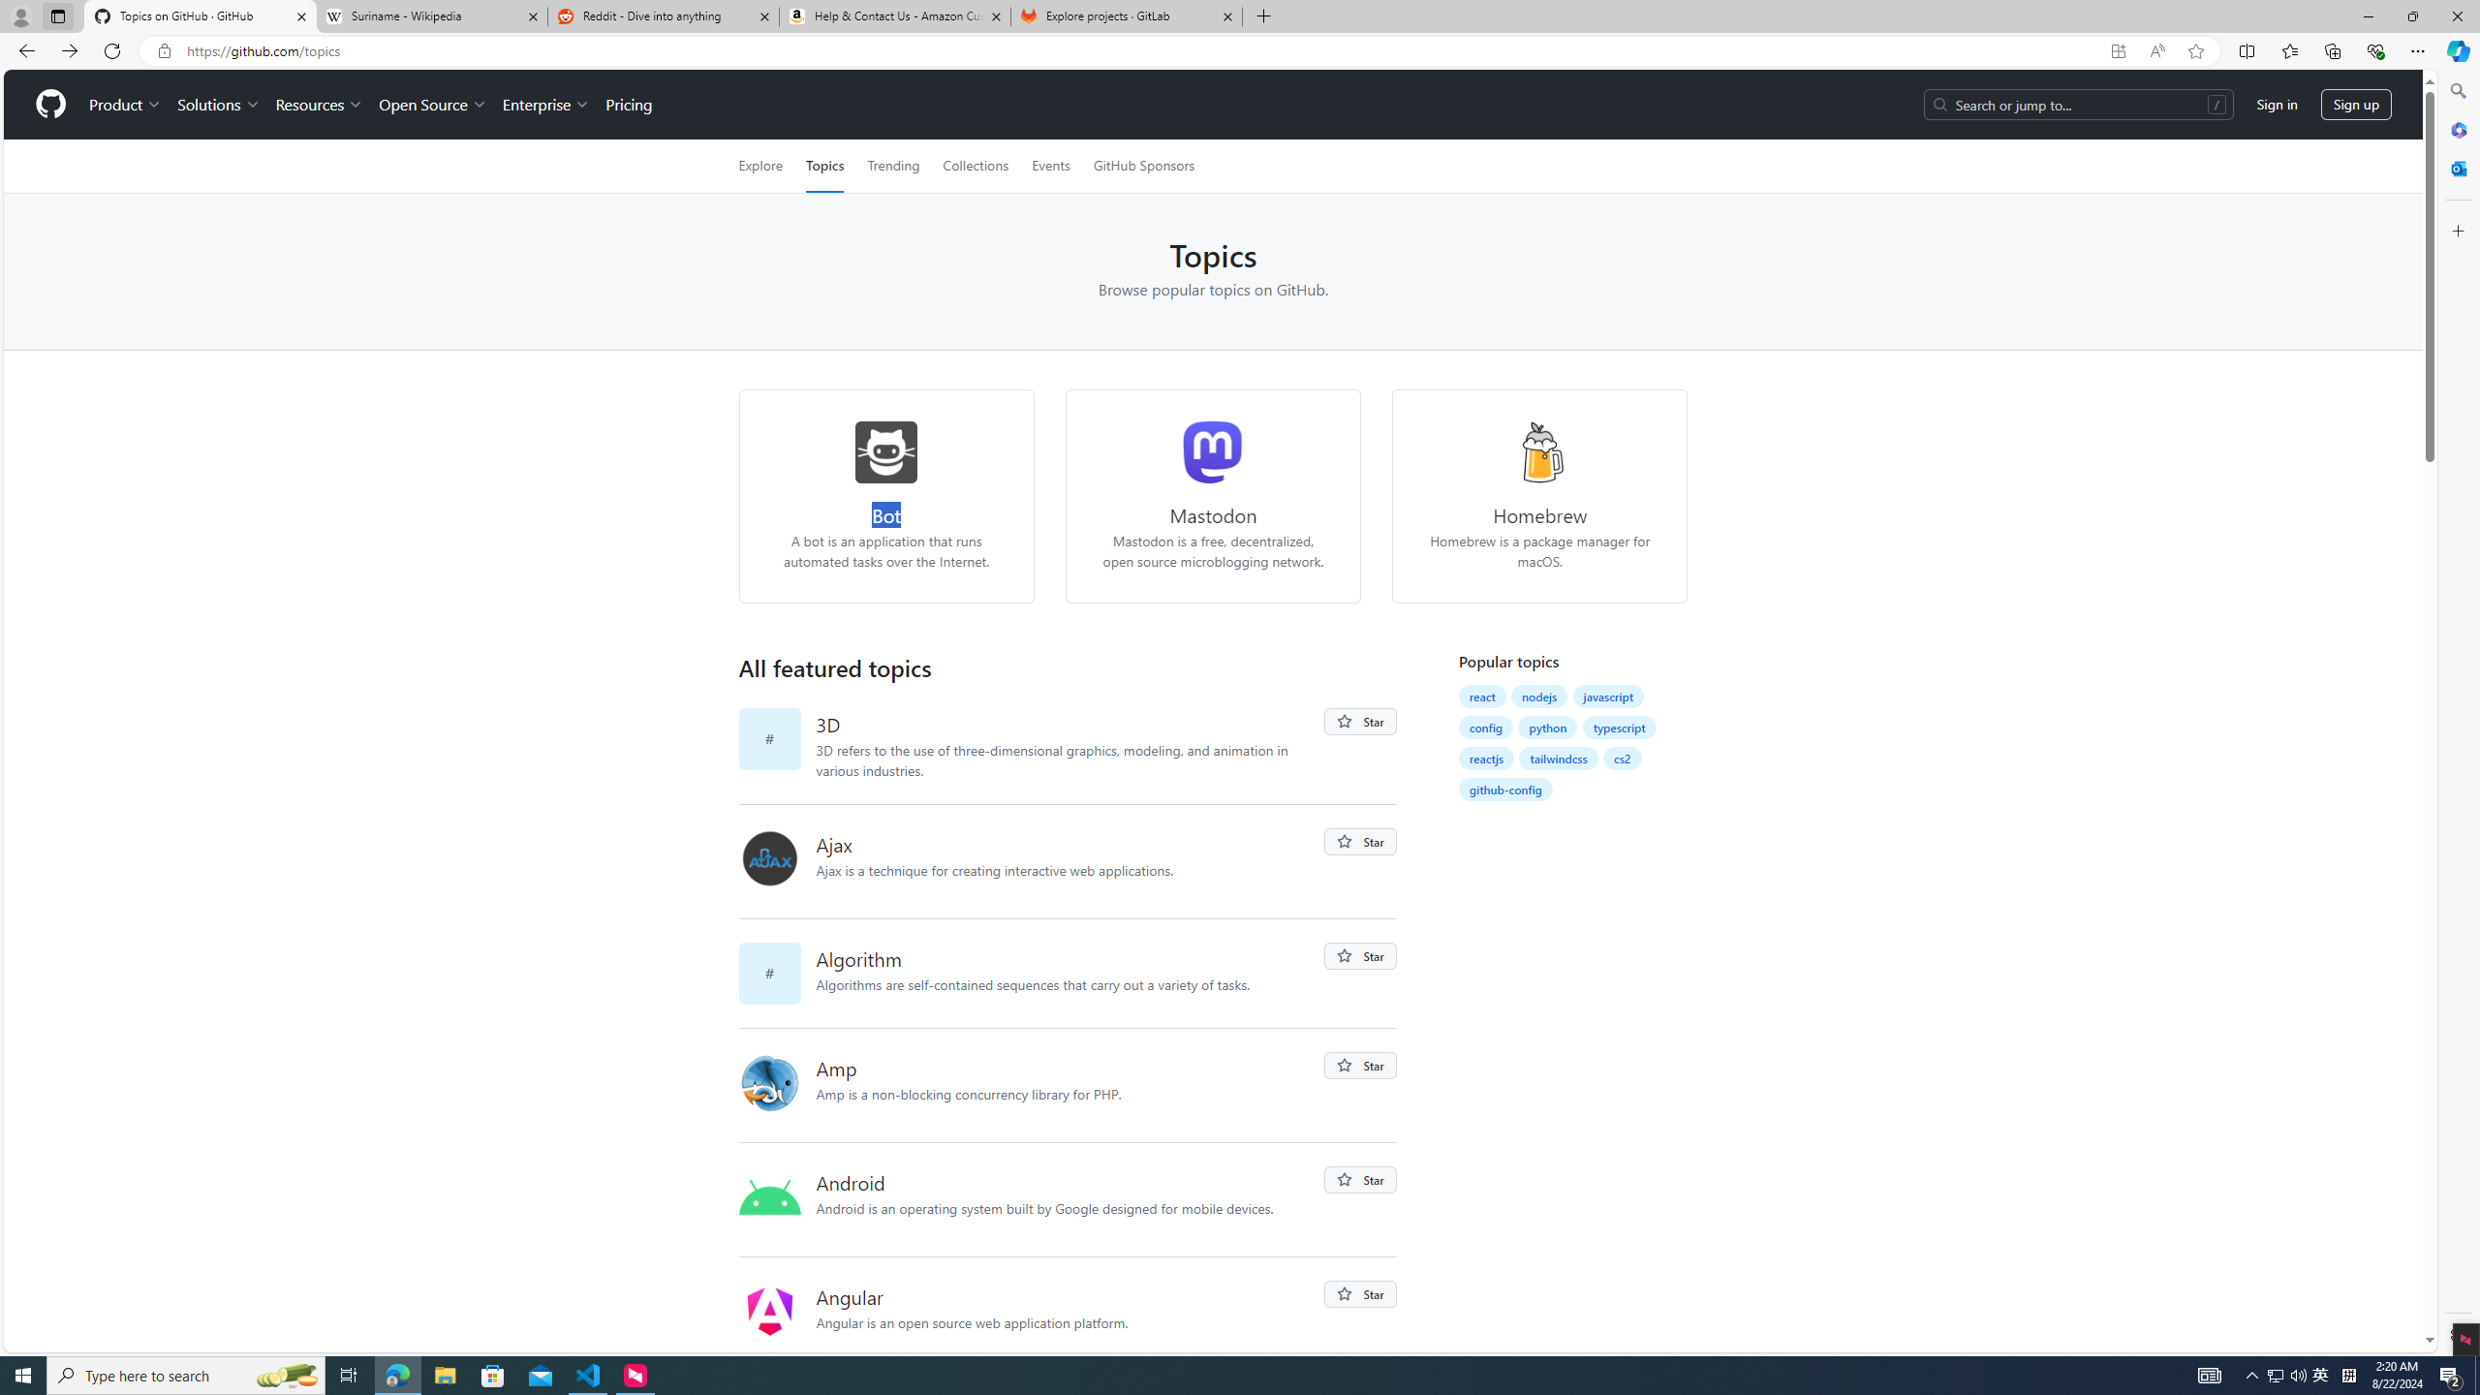 Image resolution: width=2480 pixels, height=1395 pixels. What do you see at coordinates (217, 104) in the screenshot?
I see `'Solutions'` at bounding box center [217, 104].